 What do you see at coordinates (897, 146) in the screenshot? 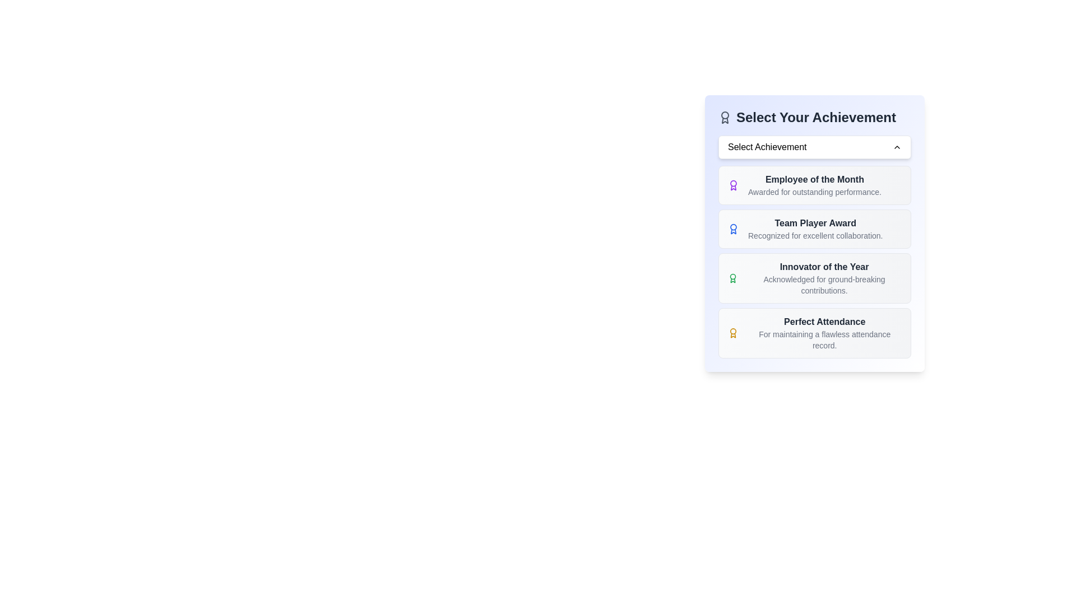
I see `the small black triangular upward-pointing chevron icon located to the far right of the 'Select Achievement' horizontal bar for visual feedback` at bounding box center [897, 146].